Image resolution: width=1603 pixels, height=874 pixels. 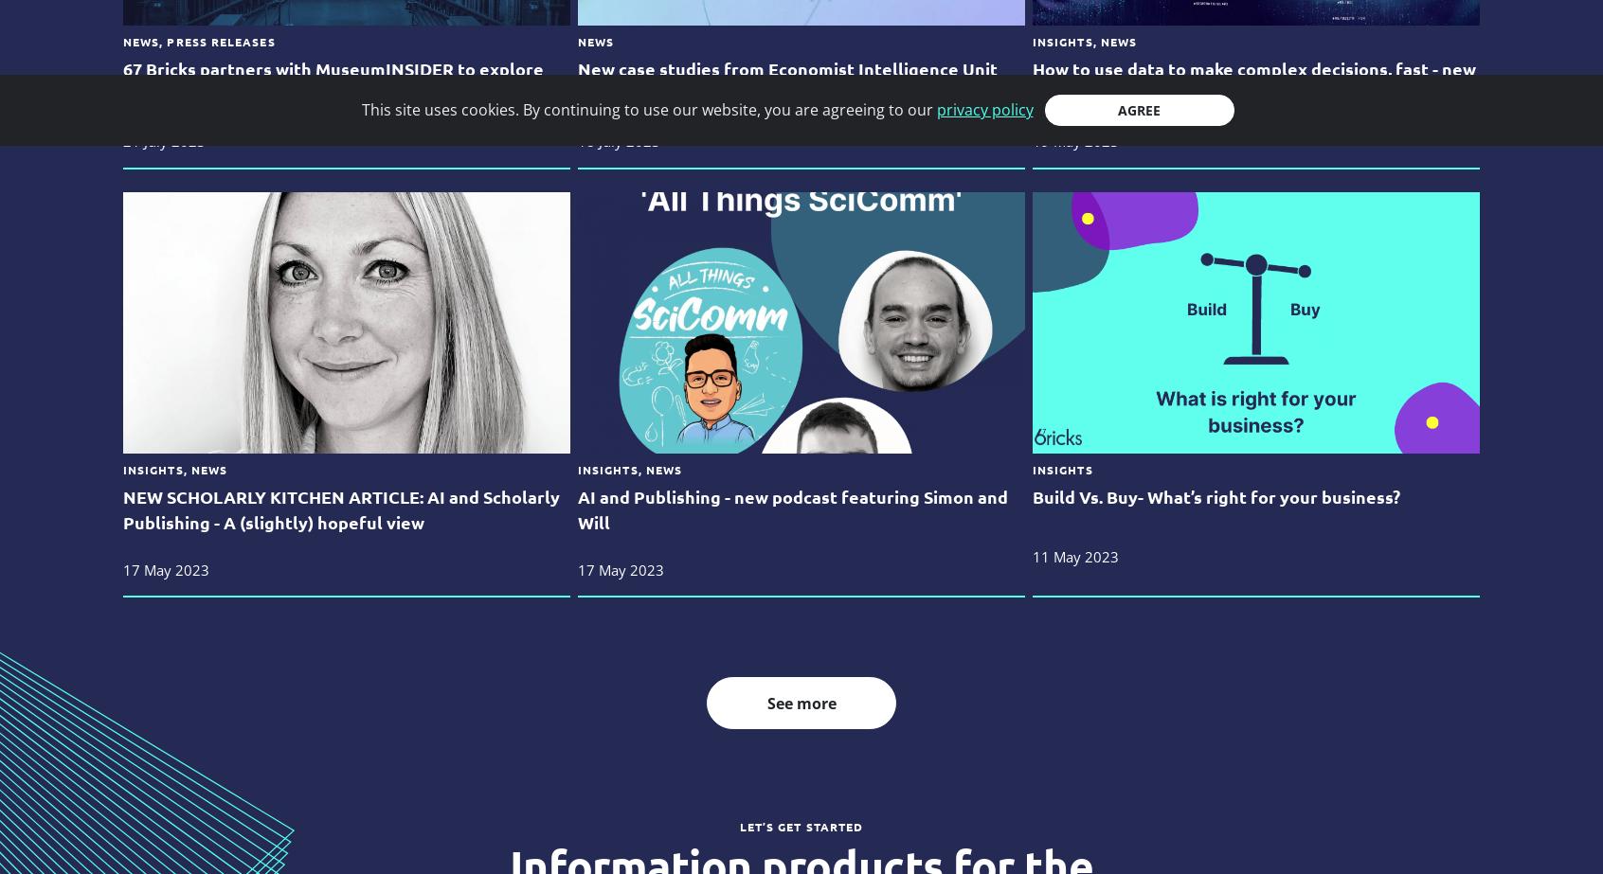 I want to click on 'AGREE', so click(x=1139, y=110).